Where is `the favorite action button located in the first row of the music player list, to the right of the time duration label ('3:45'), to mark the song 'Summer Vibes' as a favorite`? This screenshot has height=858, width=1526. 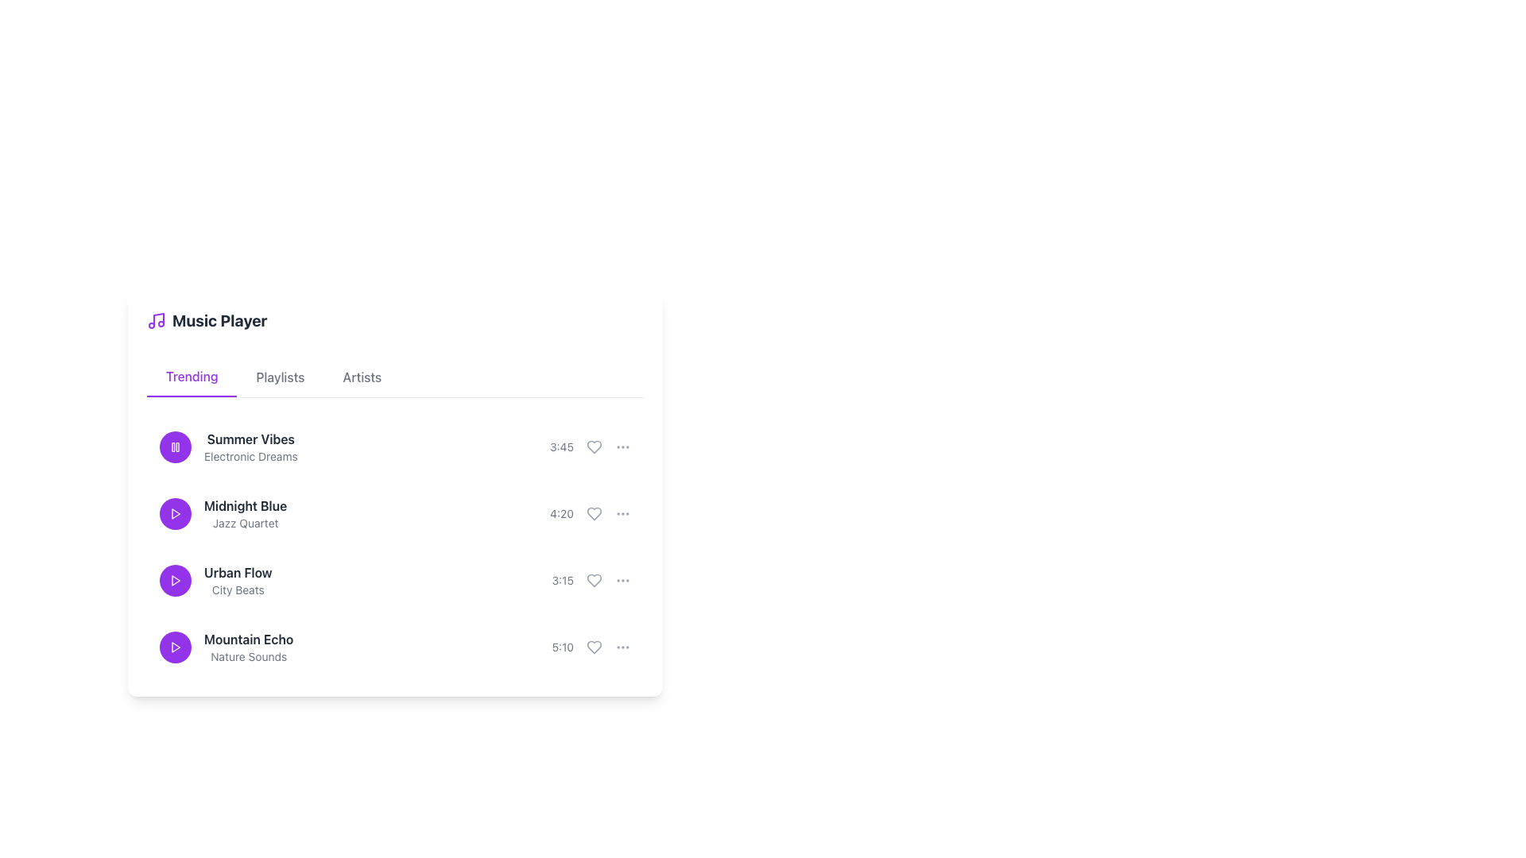
the favorite action button located in the first row of the music player list, to the right of the time duration label ('3:45'), to mark the song 'Summer Vibes' as a favorite is located at coordinates (594, 447).